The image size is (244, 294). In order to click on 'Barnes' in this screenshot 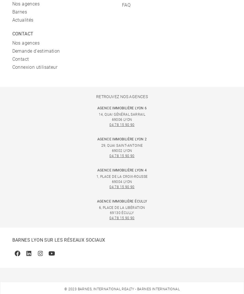, I will do `click(11, 12)`.